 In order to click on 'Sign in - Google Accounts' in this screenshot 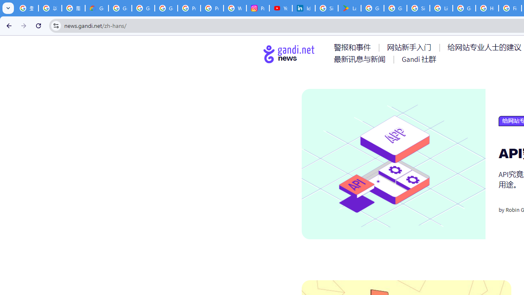, I will do `click(418, 8)`.